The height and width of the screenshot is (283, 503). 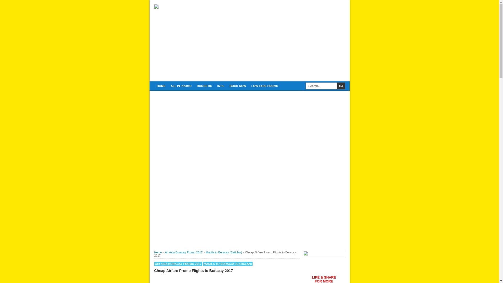 I want to click on 'Home', so click(x=154, y=252).